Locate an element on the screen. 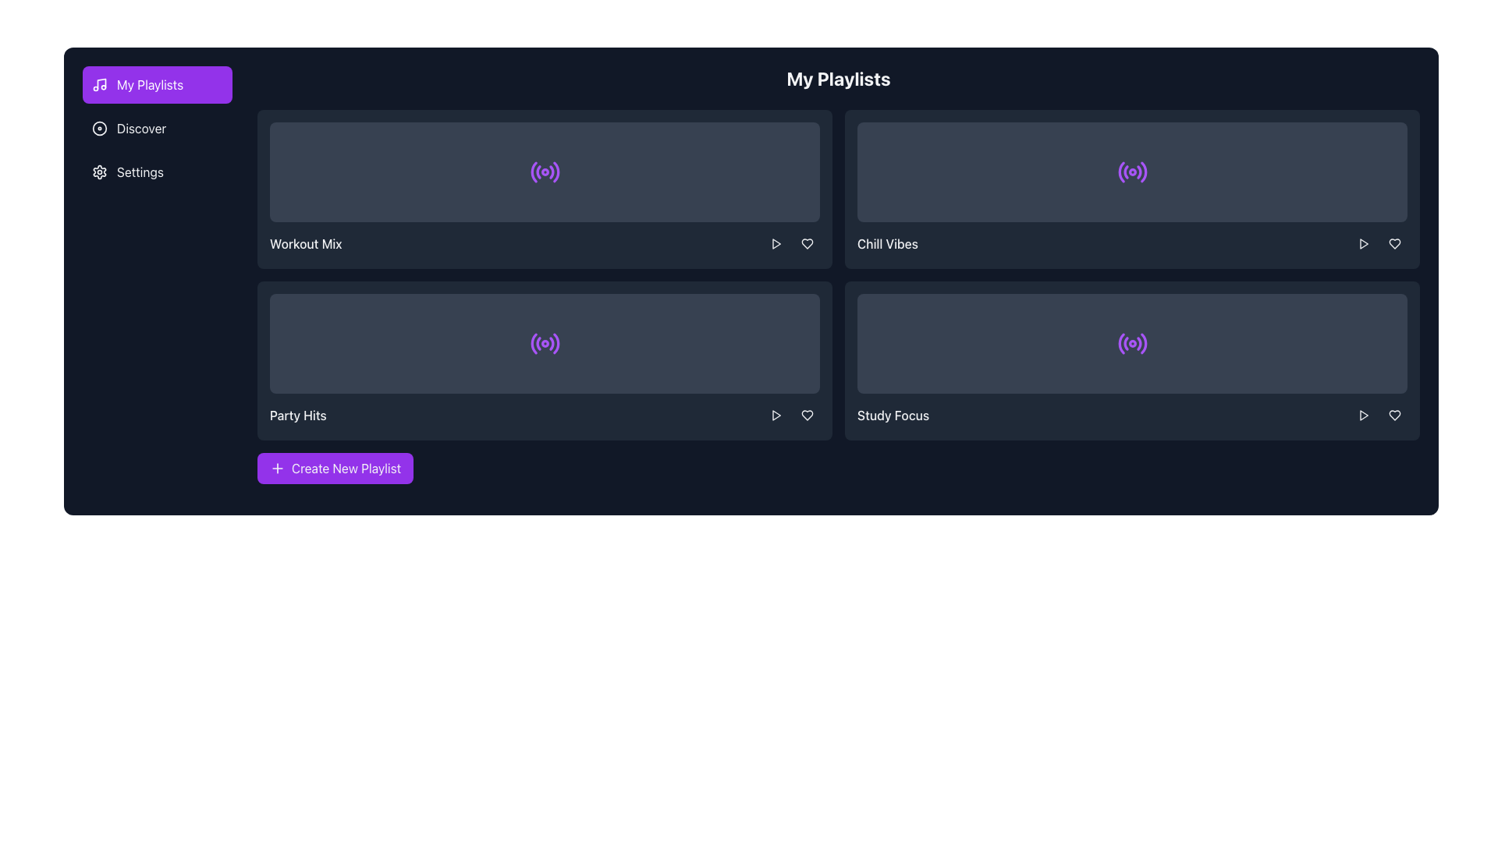 This screenshot has width=1498, height=842. the clickable text 'Discover' in the vertical menu, which is positioned below 'My Playlists' and above 'Settings' is located at coordinates (141, 128).